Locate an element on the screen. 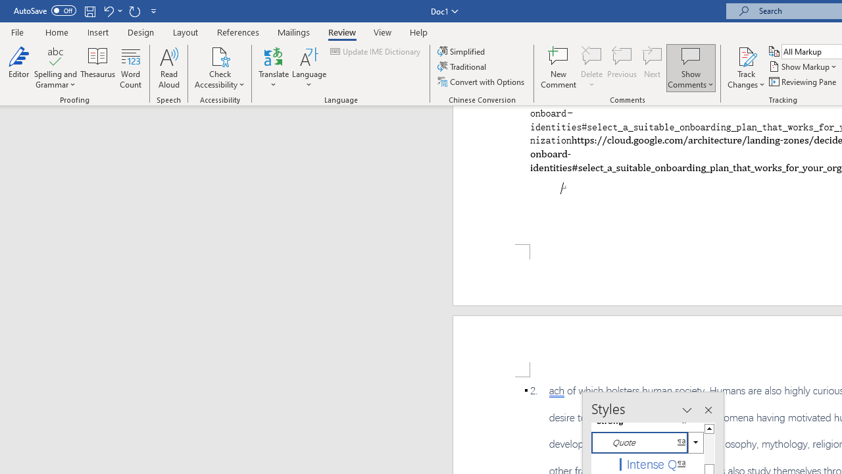 Image resolution: width=842 pixels, height=474 pixels. 'Undo Style' is located at coordinates (112, 11).